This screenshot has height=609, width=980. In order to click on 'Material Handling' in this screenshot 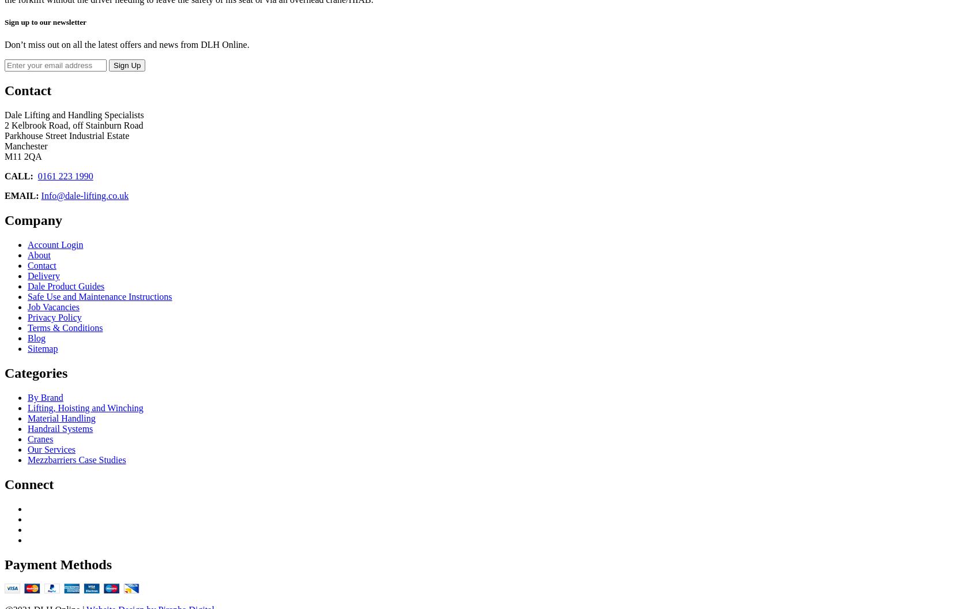, I will do `click(61, 418)`.